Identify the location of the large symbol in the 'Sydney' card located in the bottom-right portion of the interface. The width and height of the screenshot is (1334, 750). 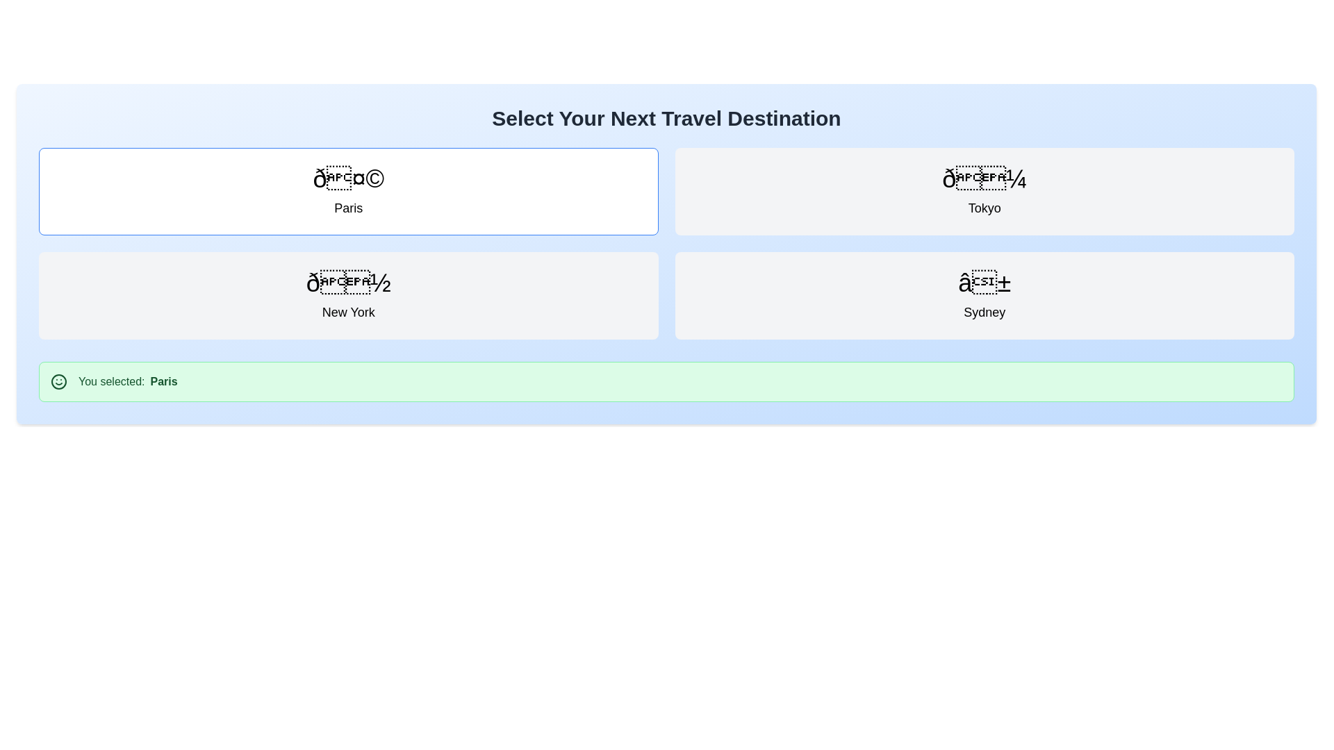
(984, 283).